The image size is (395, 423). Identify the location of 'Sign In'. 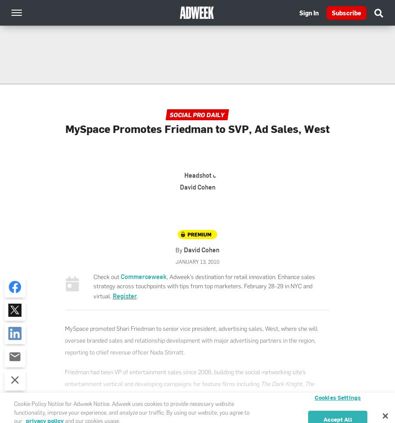
(299, 12).